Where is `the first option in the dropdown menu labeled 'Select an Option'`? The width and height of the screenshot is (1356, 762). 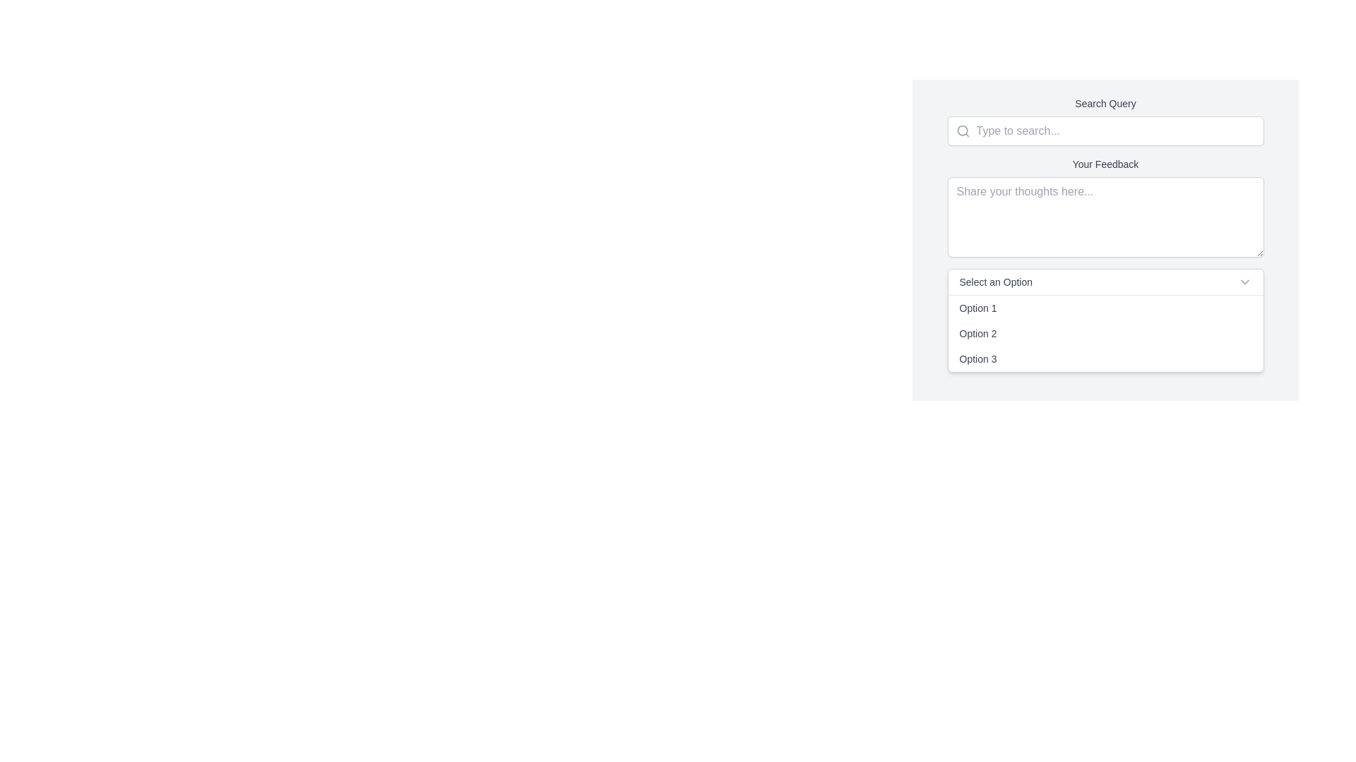 the first option in the dropdown menu labeled 'Select an Option' is located at coordinates (1105, 307).